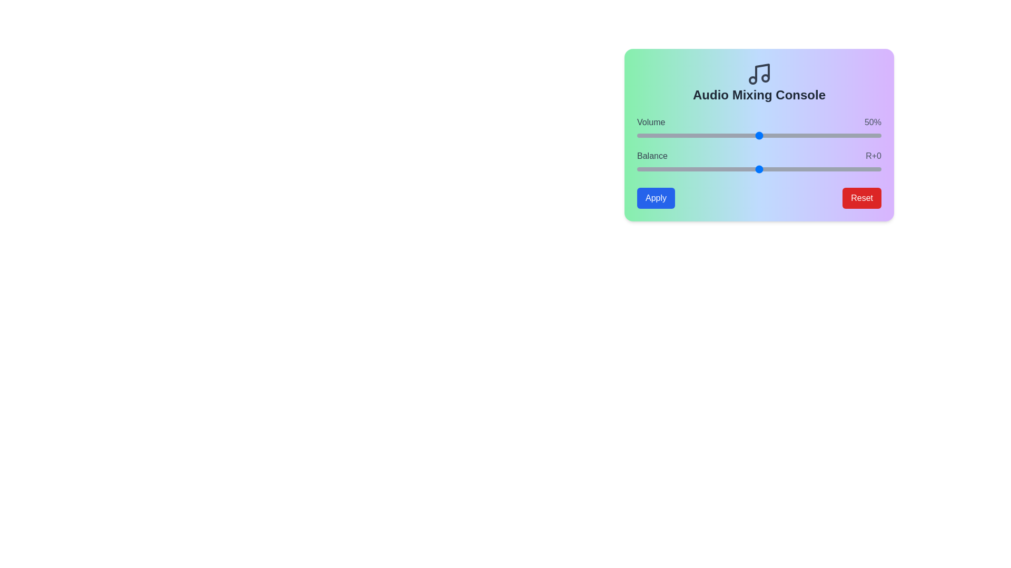 This screenshot has width=1011, height=568. What do you see at coordinates (800, 168) in the screenshot?
I see `balance` at bounding box center [800, 168].